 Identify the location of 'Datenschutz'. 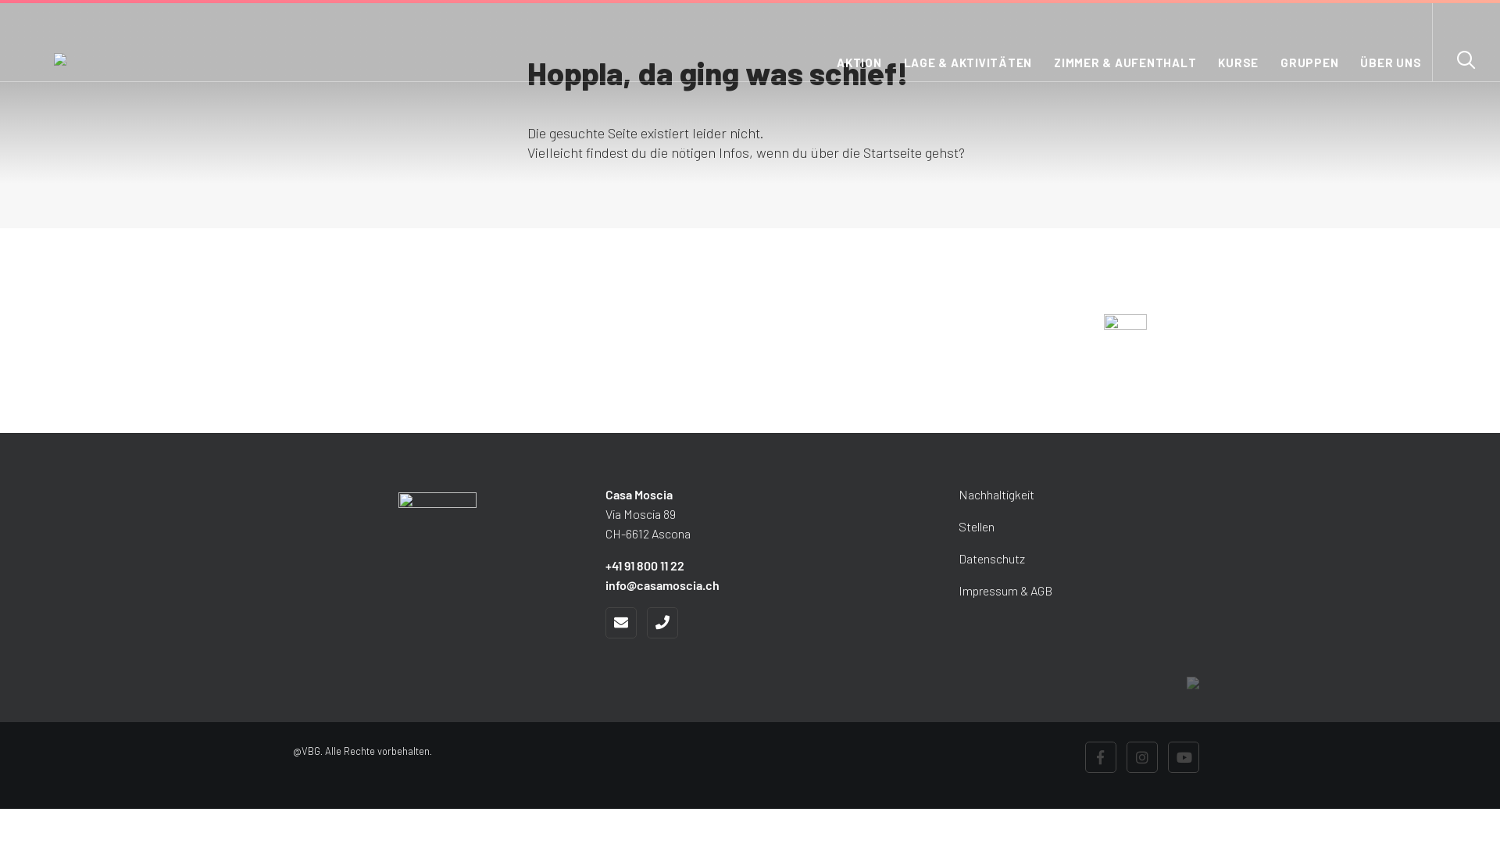
(918, 557).